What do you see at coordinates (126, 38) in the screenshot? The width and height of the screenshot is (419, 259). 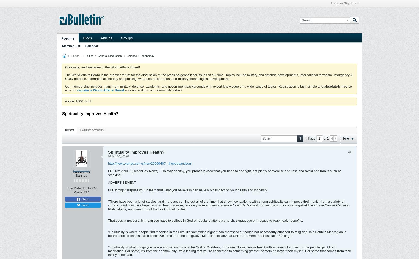 I see `'Groups'` at bounding box center [126, 38].